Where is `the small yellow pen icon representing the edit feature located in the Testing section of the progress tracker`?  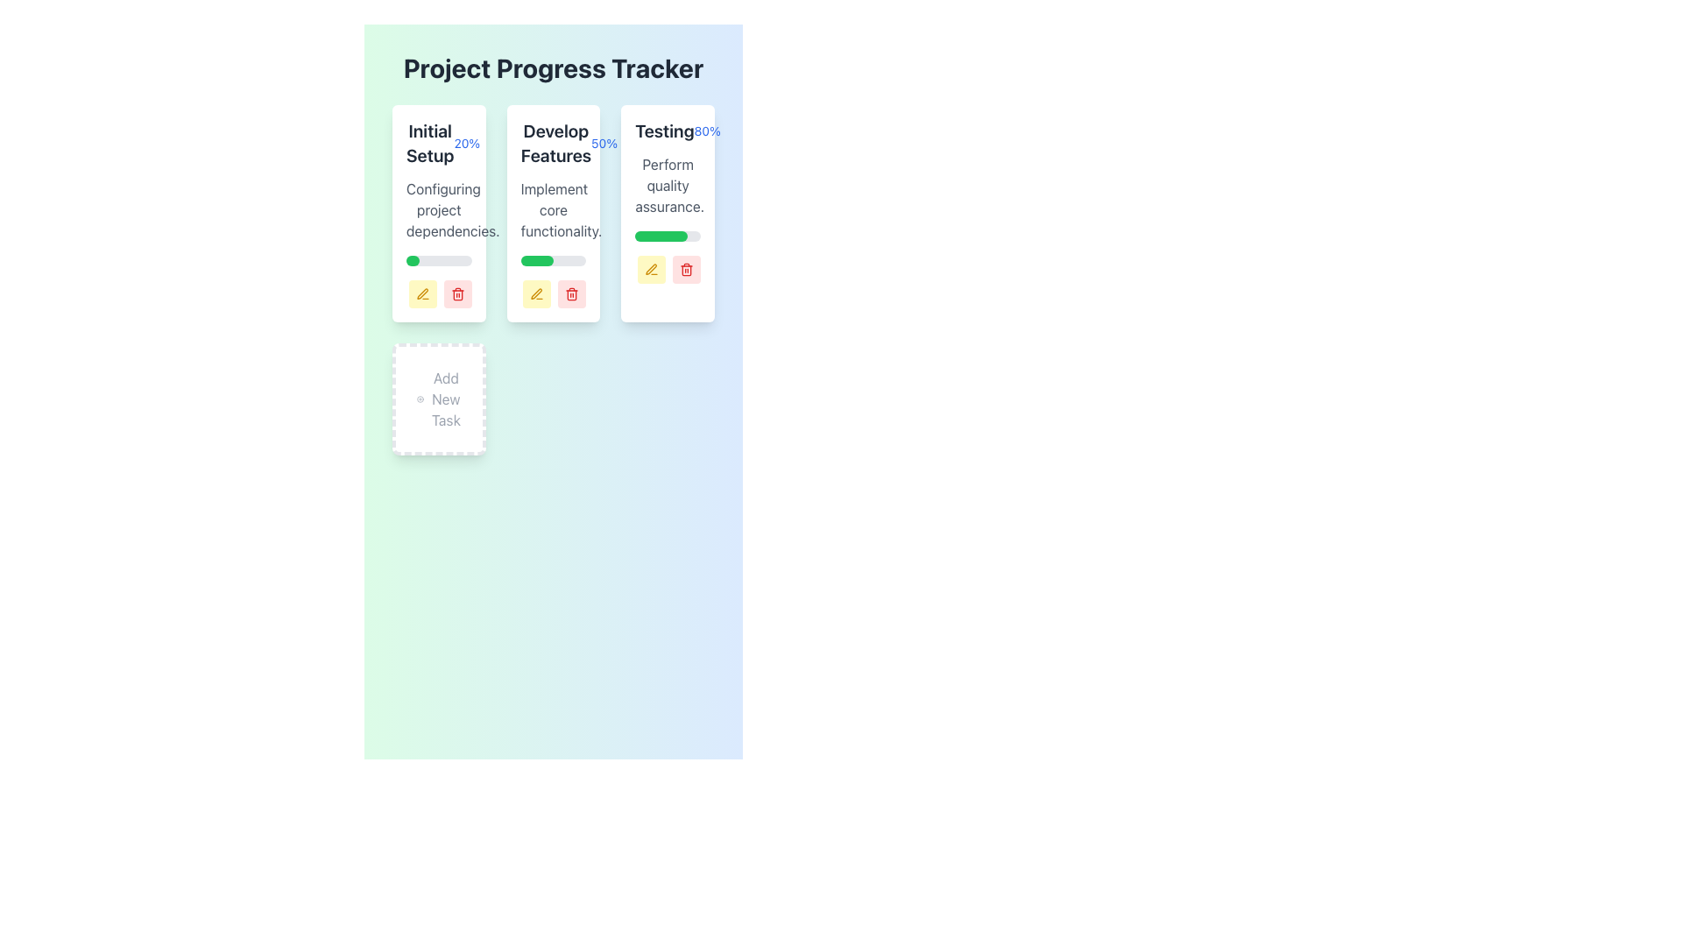
the small yellow pen icon representing the edit feature located in the Testing section of the progress tracker is located at coordinates (651, 270).